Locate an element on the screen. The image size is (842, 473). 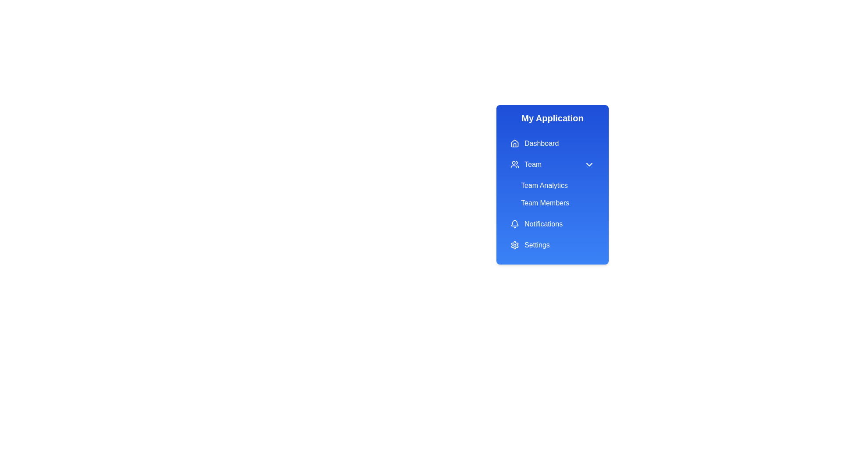
the 'Team' menu icon, which resembles a group of users with two overlapping circular shapes in white on a blue background is located at coordinates (515, 164).